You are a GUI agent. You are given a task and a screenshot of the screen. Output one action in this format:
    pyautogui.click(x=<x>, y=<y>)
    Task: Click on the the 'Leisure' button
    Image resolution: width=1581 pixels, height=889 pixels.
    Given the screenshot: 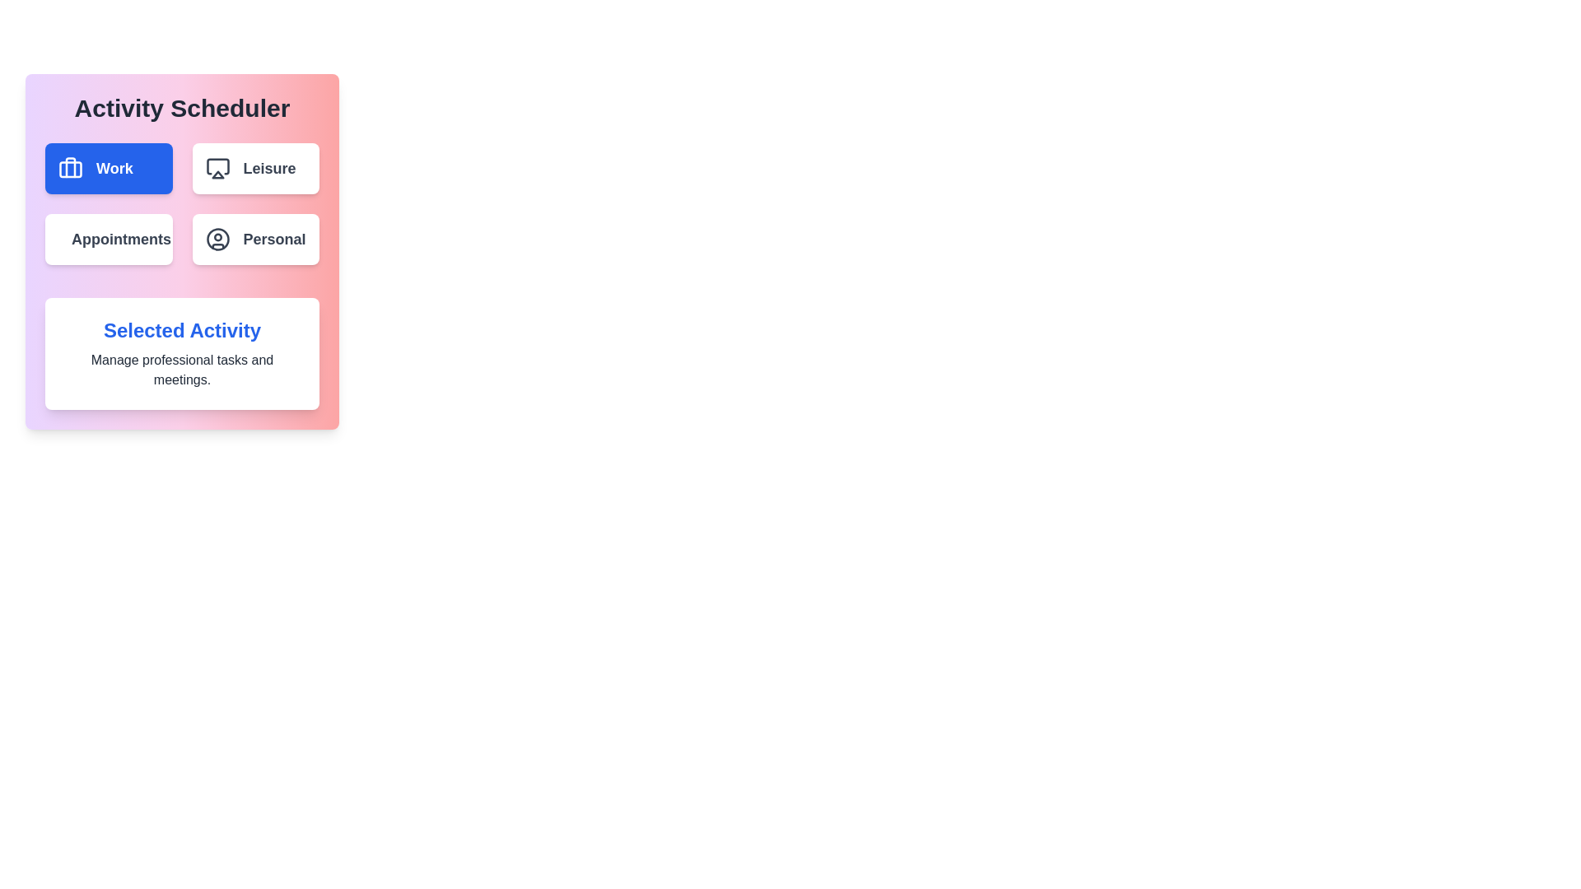 What is the action you would take?
    pyautogui.click(x=269, y=168)
    